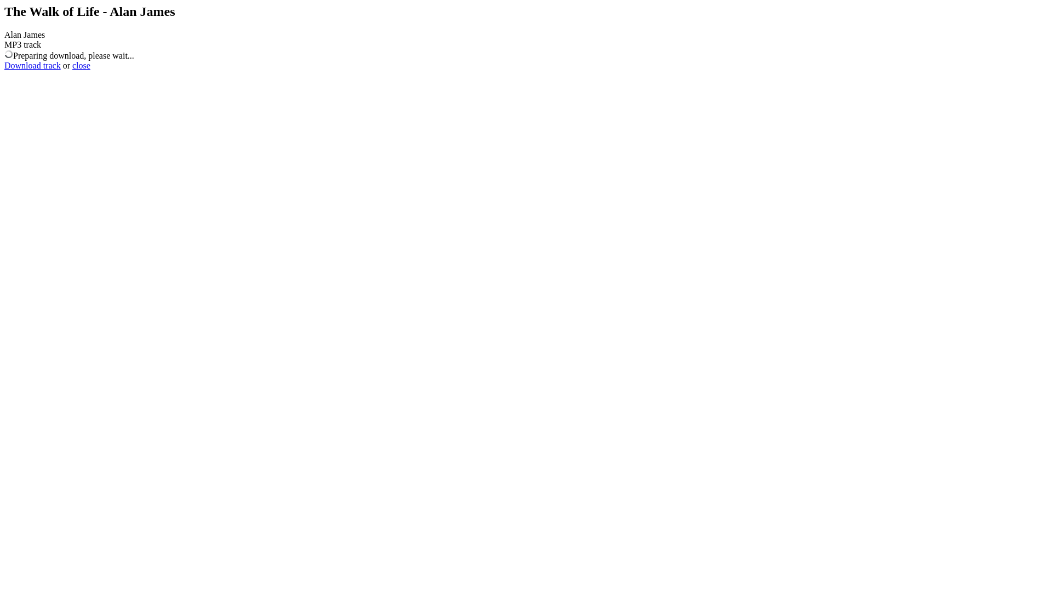 The image size is (1052, 592). What do you see at coordinates (32, 65) in the screenshot?
I see `'Download track'` at bounding box center [32, 65].